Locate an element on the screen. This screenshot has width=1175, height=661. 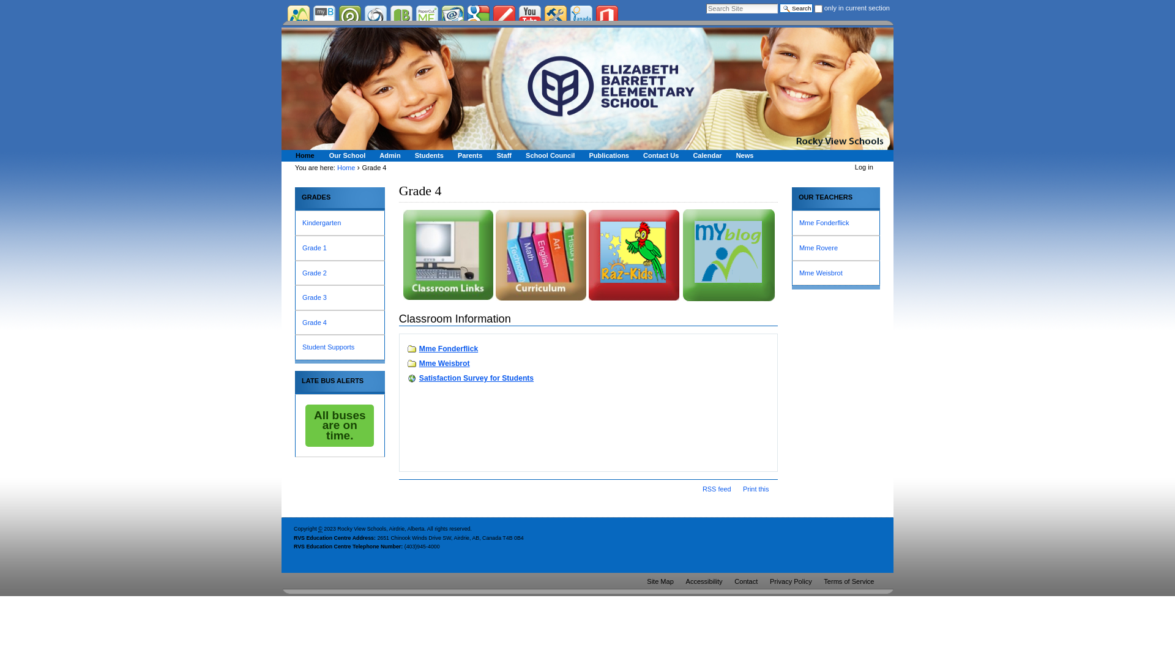
'Contact' is located at coordinates (745, 580).